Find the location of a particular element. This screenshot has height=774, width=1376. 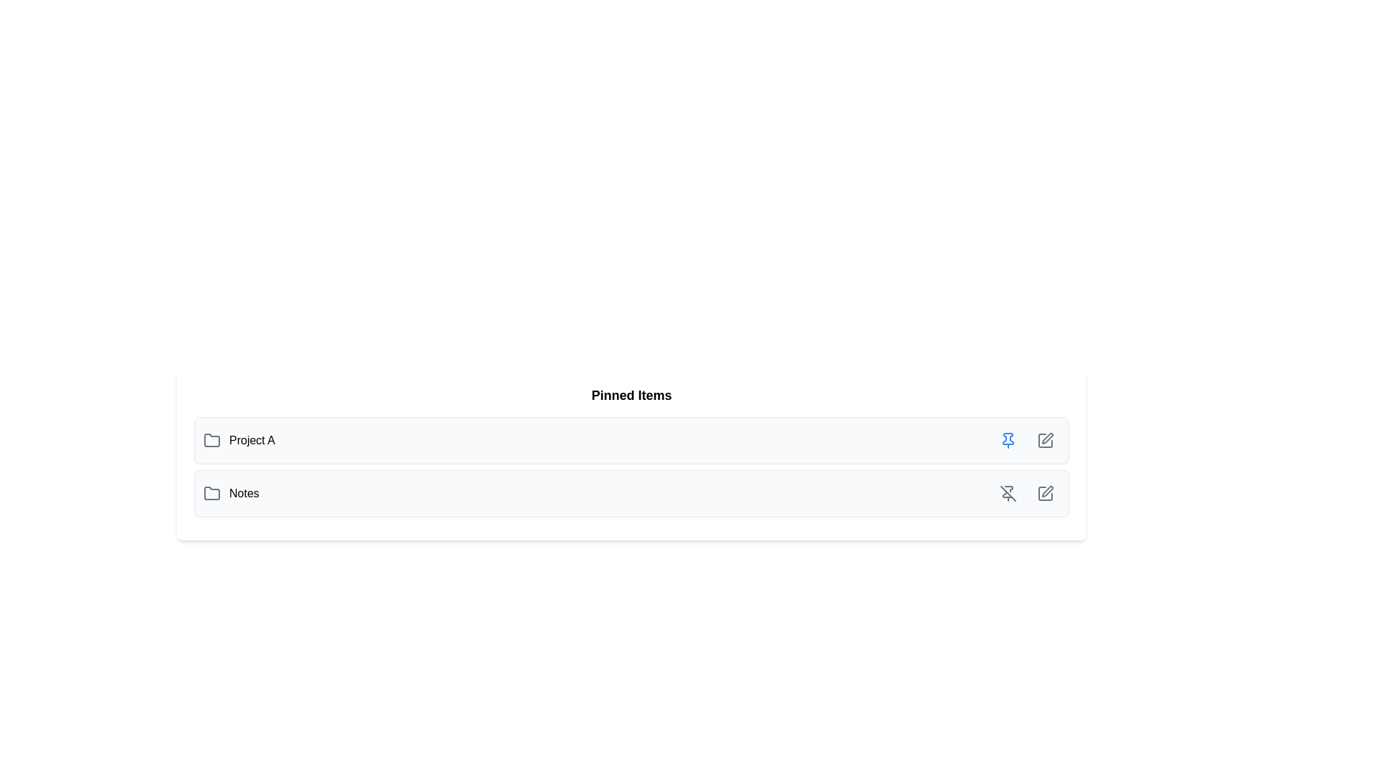

the blue pin icon located to the left of the edit icon in the 'Project A' entry is located at coordinates (1007, 439).